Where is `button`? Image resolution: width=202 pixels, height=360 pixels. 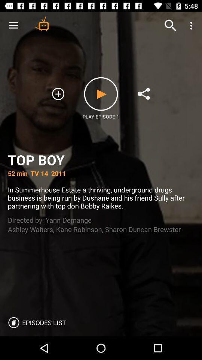
button is located at coordinates (101, 93).